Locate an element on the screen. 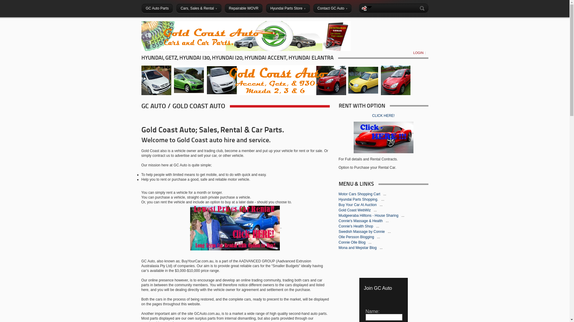  'Motor Cars Shopping Cart' is located at coordinates (359, 194).